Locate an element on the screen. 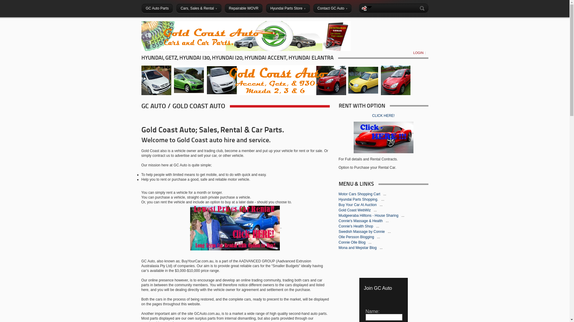  'Motor Cars Shopping Cart' is located at coordinates (359, 194).